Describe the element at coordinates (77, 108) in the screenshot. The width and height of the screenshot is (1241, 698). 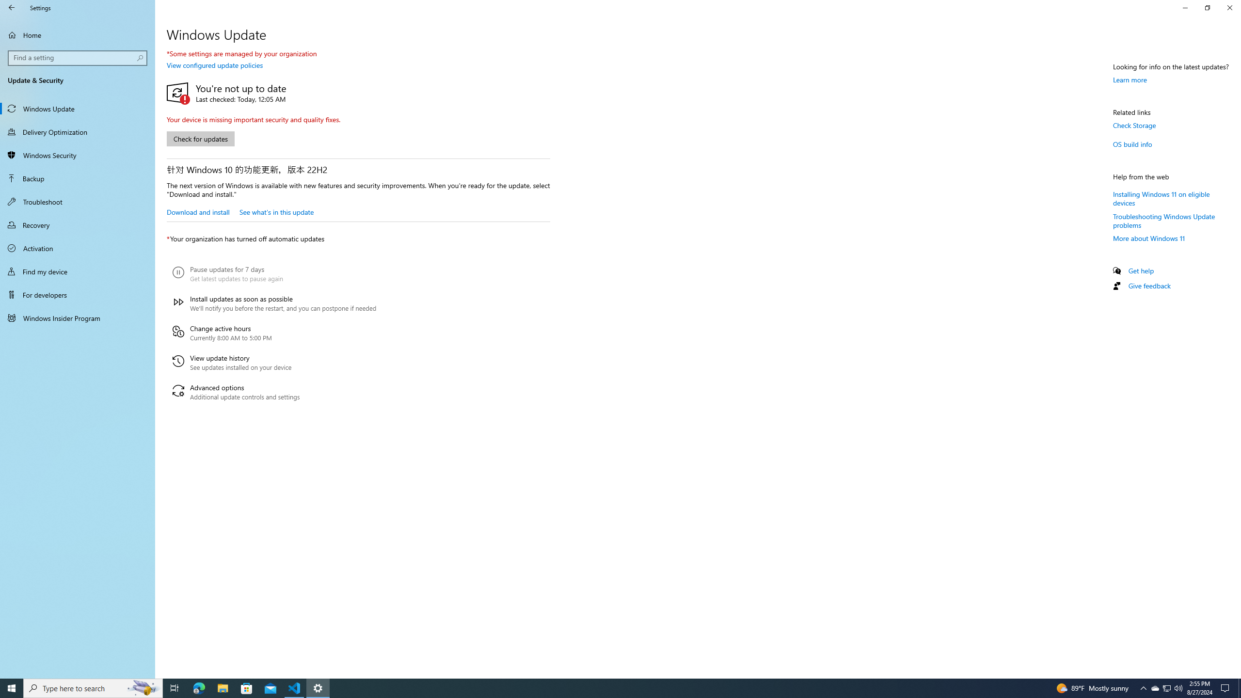
I see `'Windows Update'` at that location.